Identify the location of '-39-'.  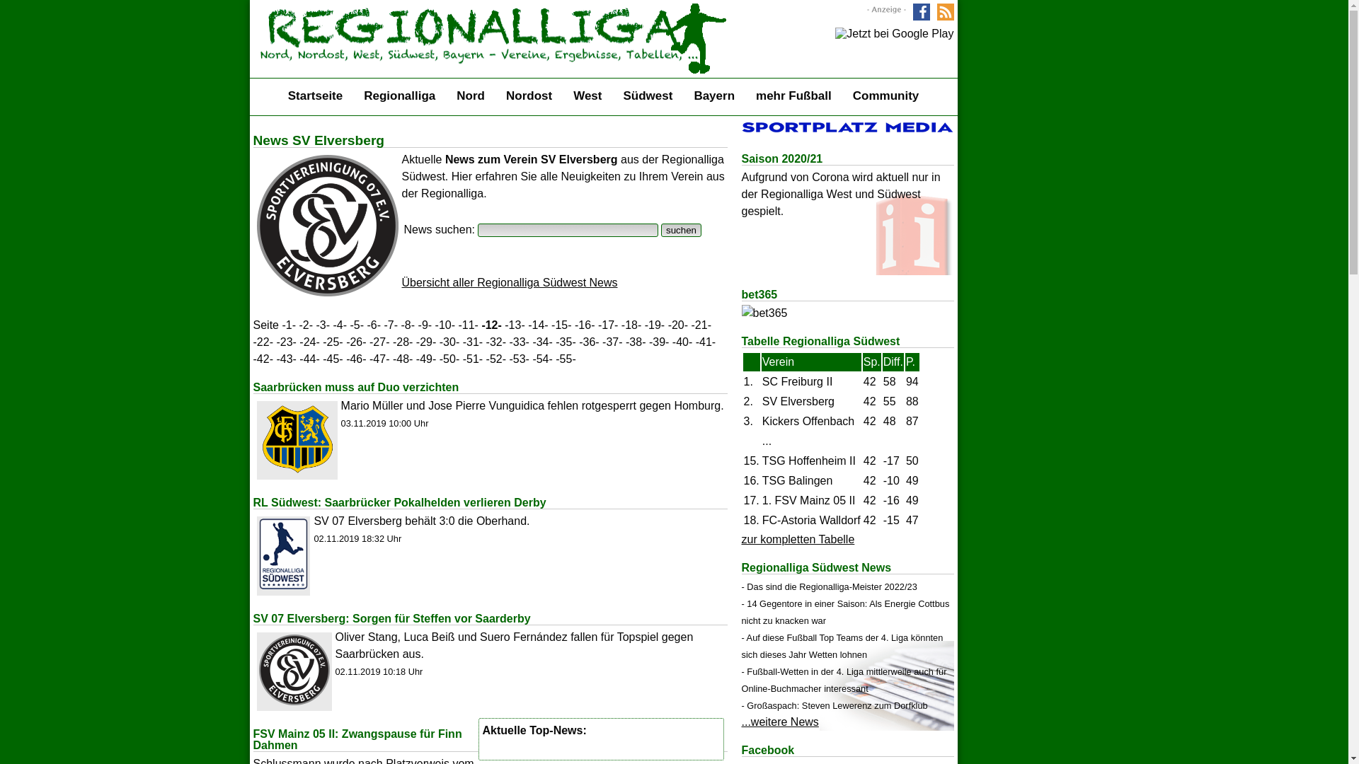
(648, 342).